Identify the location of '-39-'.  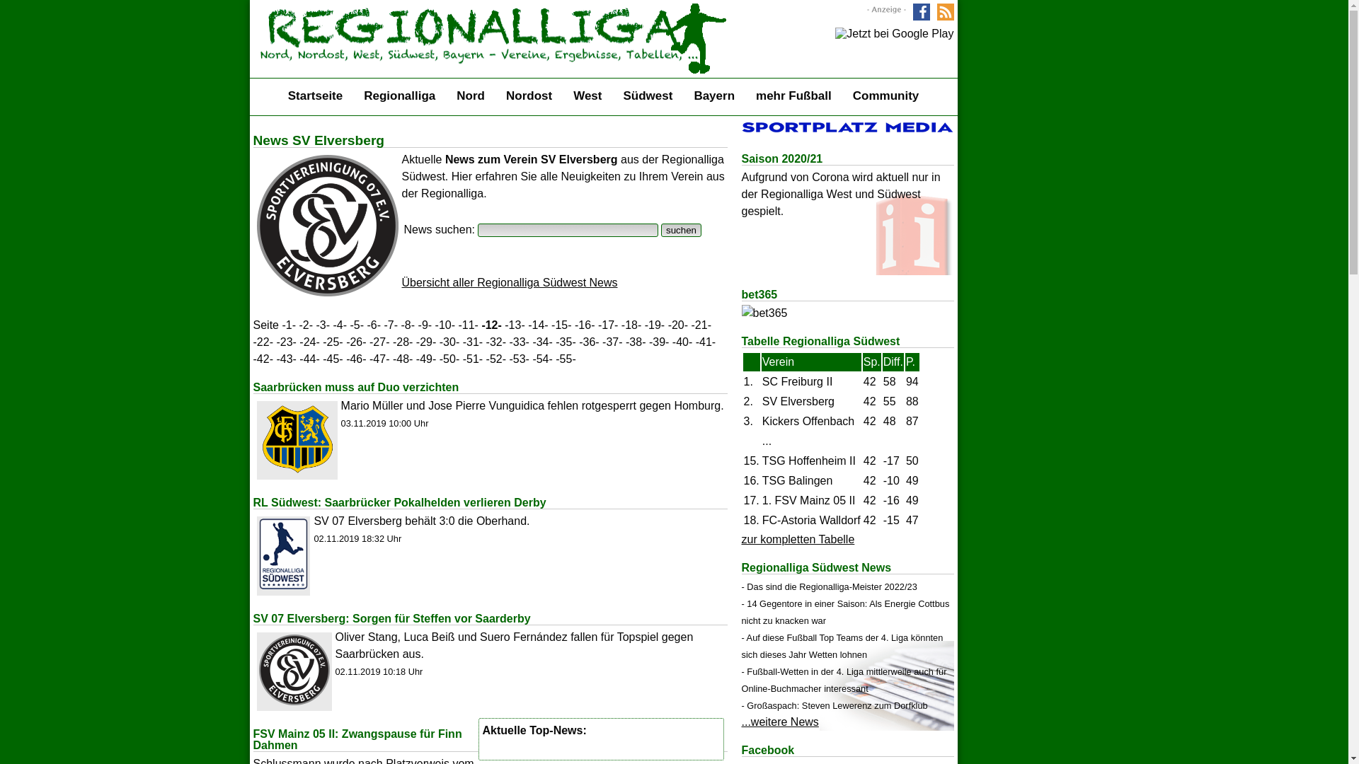
(648, 342).